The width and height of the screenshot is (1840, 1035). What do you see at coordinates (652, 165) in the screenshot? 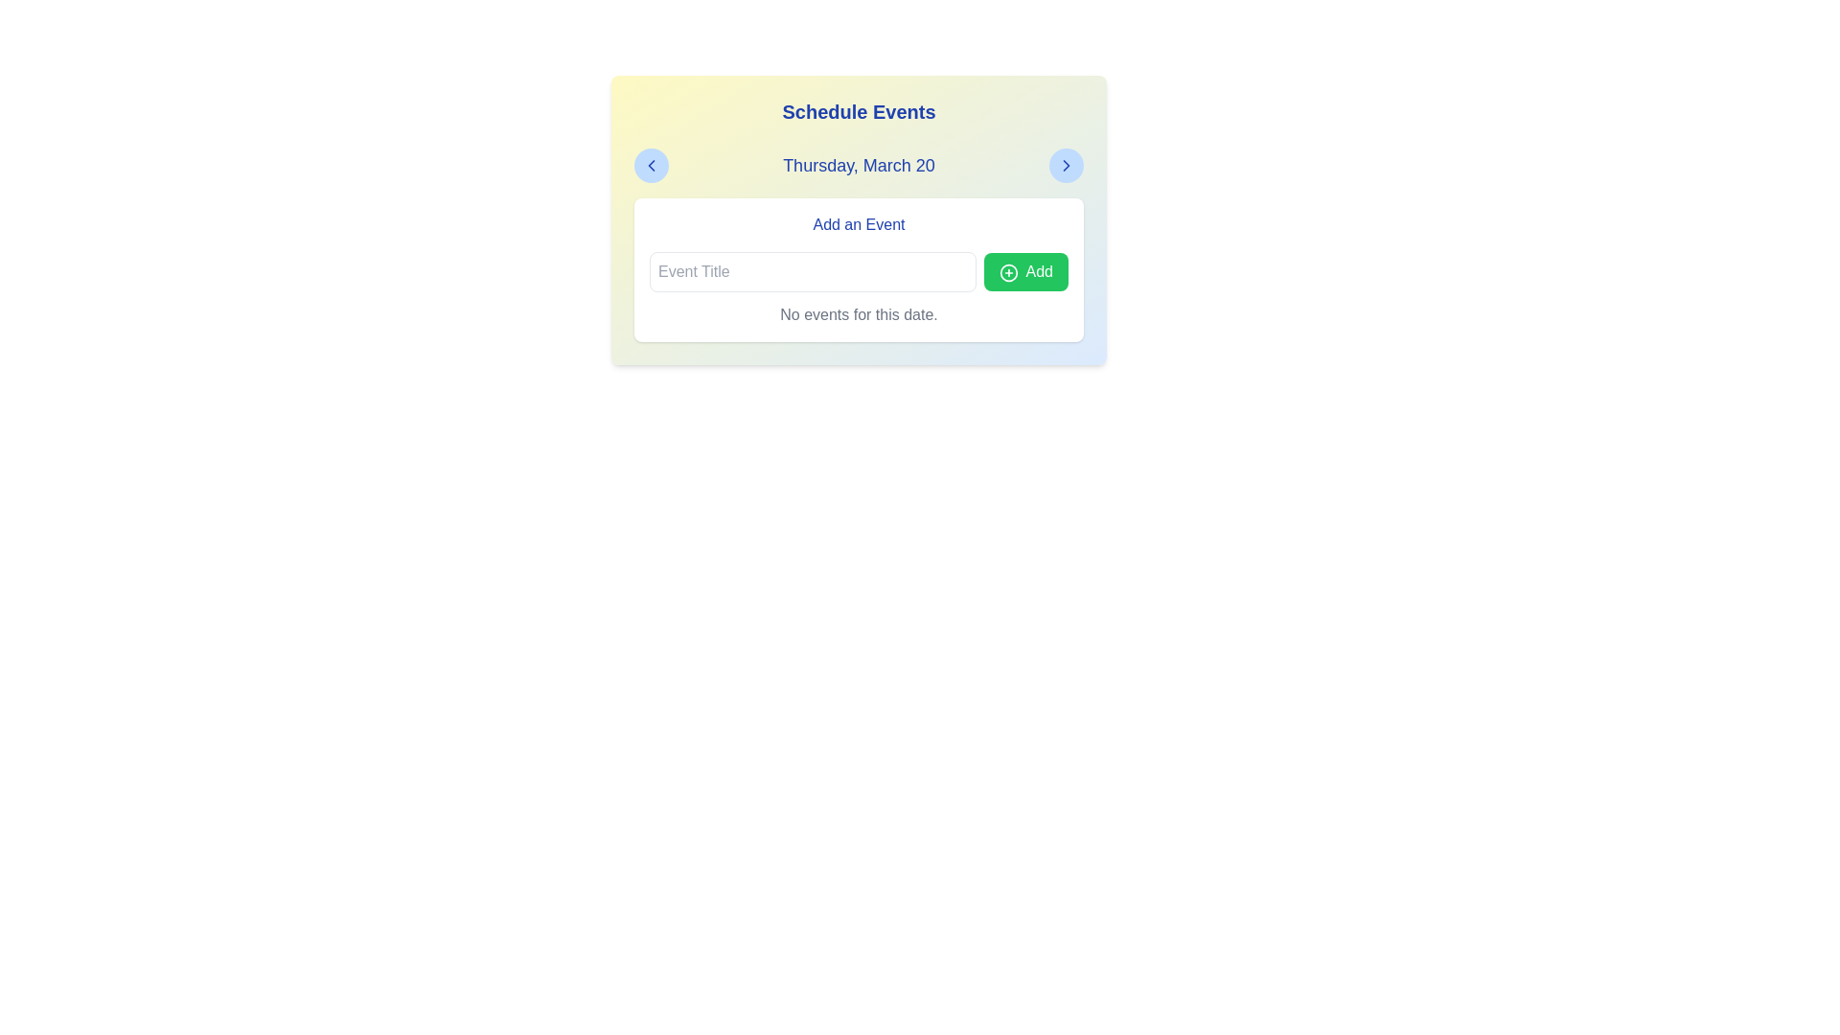
I see `the button positioned to the left of the header labeled 'Thursday, March 20'` at bounding box center [652, 165].